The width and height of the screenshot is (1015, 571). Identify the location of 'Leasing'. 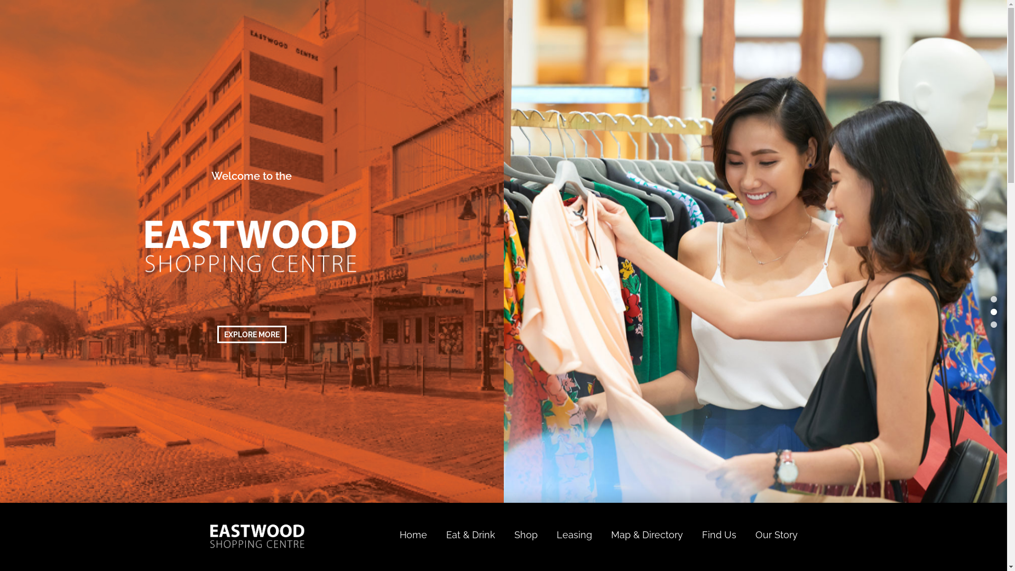
(573, 535).